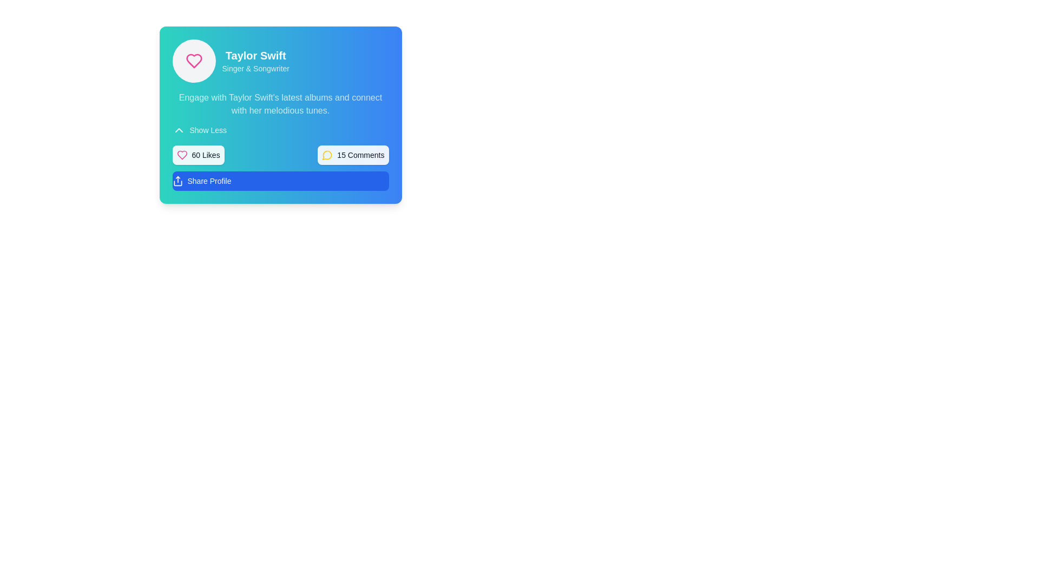 Image resolution: width=1039 pixels, height=584 pixels. I want to click on the second interactive button to the right of the '60 Likes' button, so click(353, 155).